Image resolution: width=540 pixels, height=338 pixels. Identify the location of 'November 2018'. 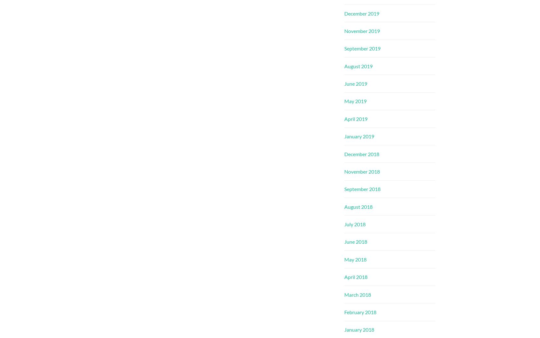
(362, 171).